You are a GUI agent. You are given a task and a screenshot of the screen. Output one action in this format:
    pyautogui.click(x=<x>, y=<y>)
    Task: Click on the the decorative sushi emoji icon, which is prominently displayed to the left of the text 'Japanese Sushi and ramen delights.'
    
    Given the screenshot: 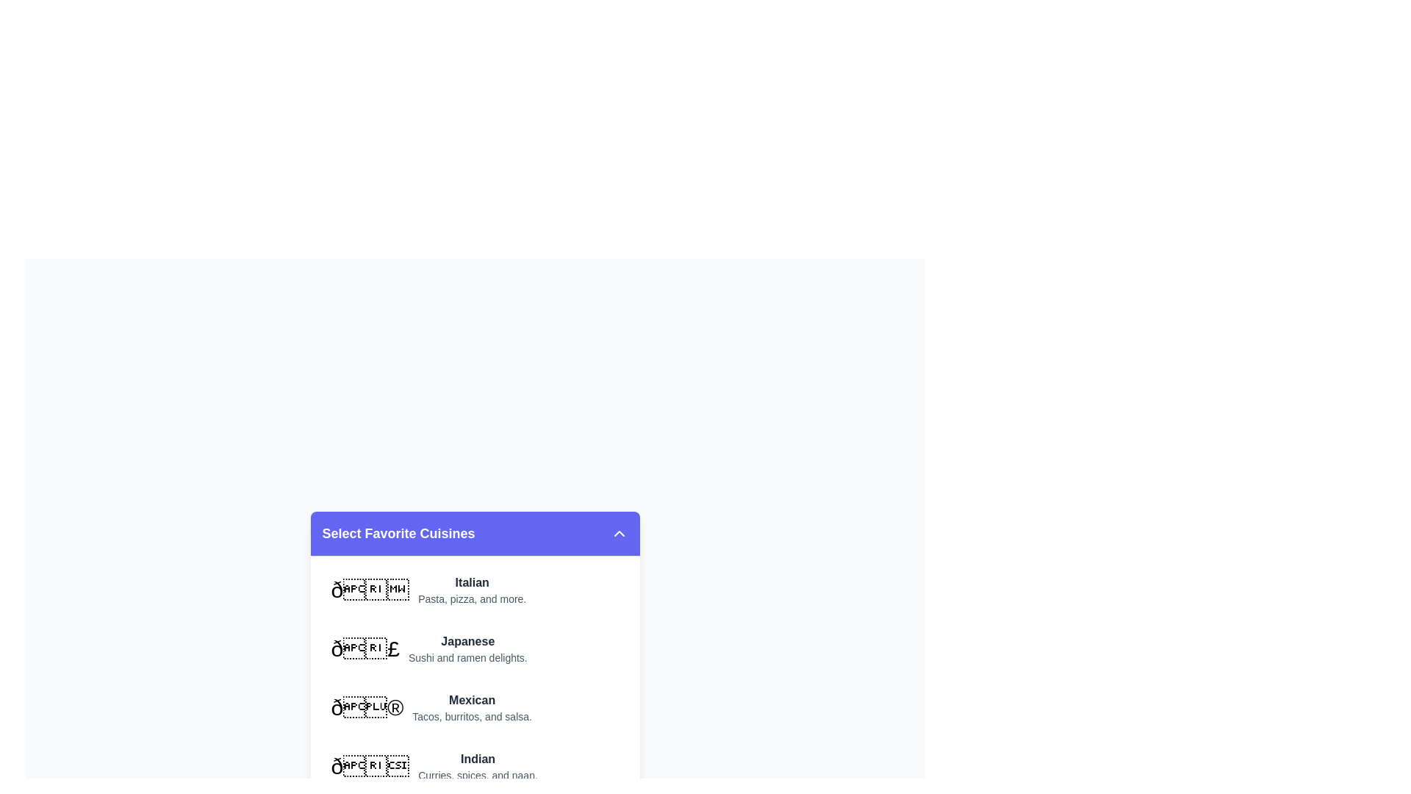 What is the action you would take?
    pyautogui.click(x=365, y=648)
    